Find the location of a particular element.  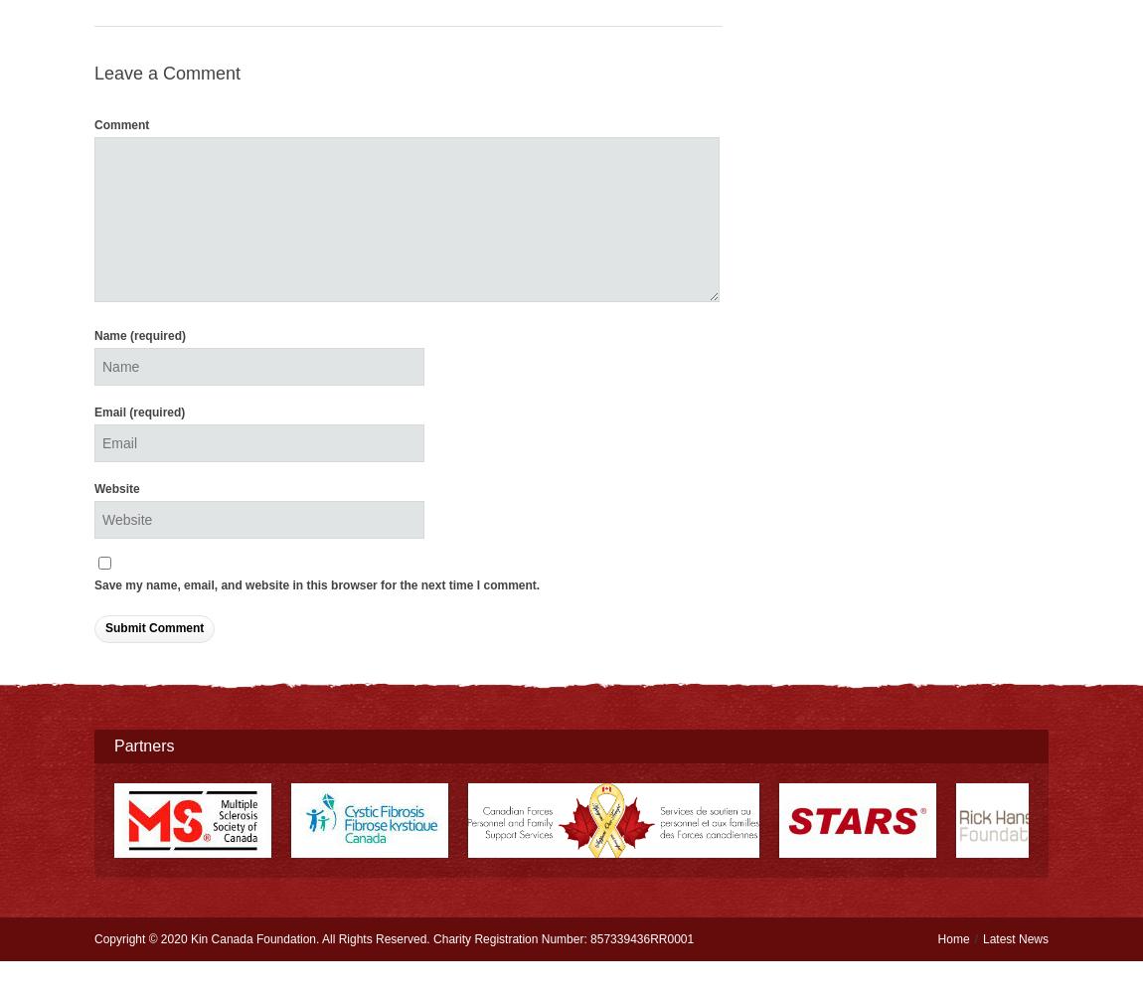

'Copyright © 2020 Kin Canada Foundation. All Rights Reserved. Charity Registration Number: 857339436RR0001' is located at coordinates (394, 937).